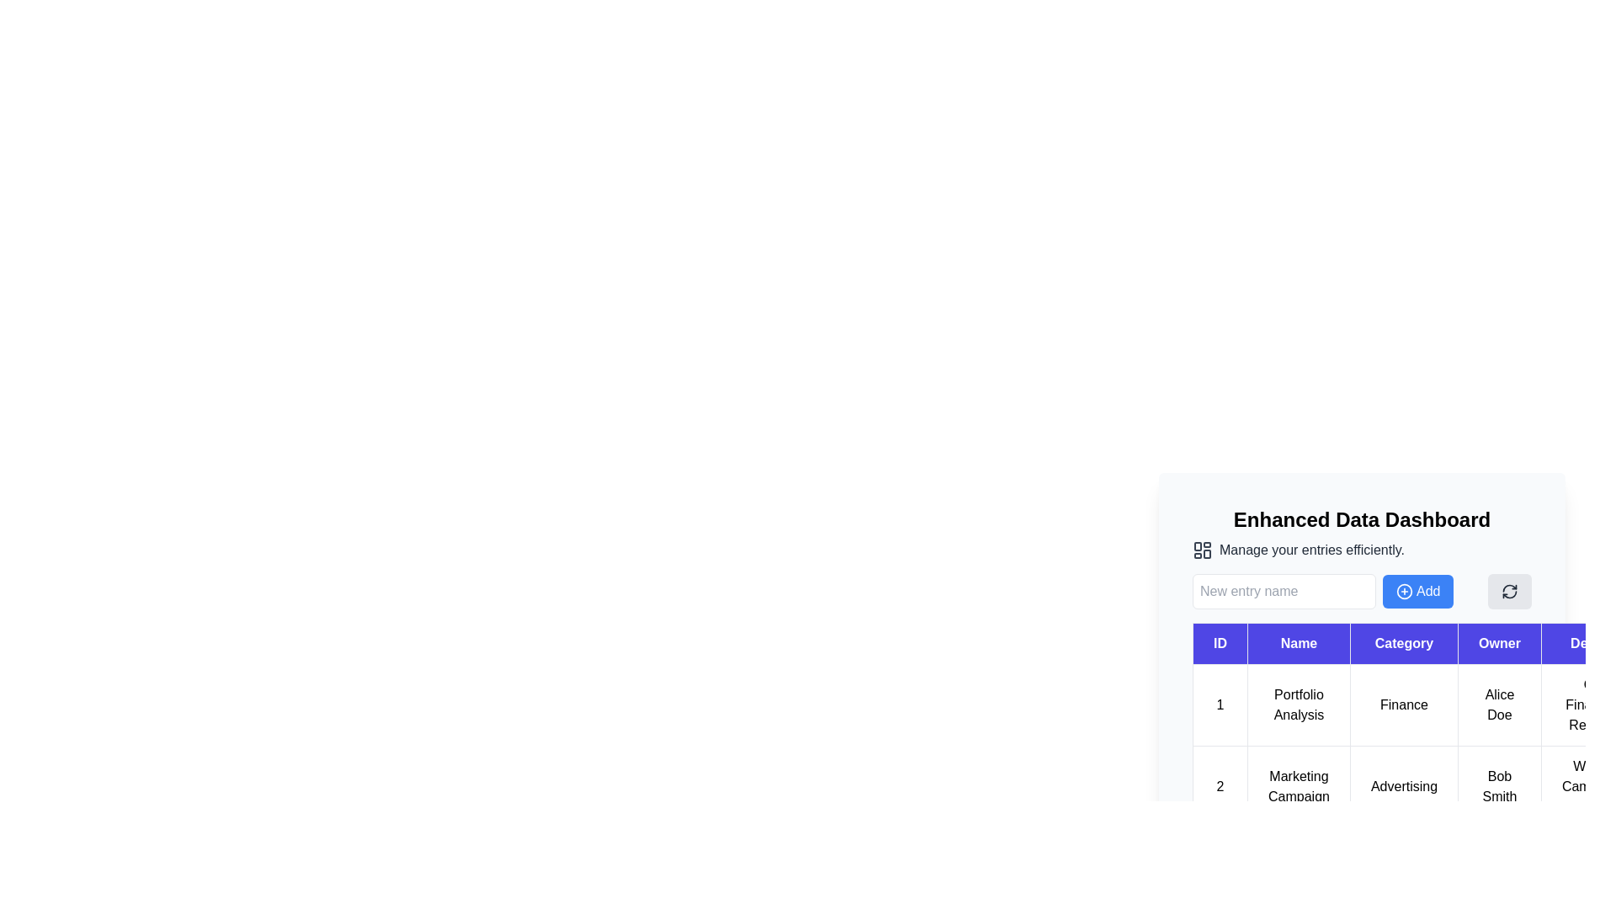  What do you see at coordinates (1220, 704) in the screenshot?
I see `the ID text element located in the first column of the dataset table, which serves as a static reference for row identification` at bounding box center [1220, 704].